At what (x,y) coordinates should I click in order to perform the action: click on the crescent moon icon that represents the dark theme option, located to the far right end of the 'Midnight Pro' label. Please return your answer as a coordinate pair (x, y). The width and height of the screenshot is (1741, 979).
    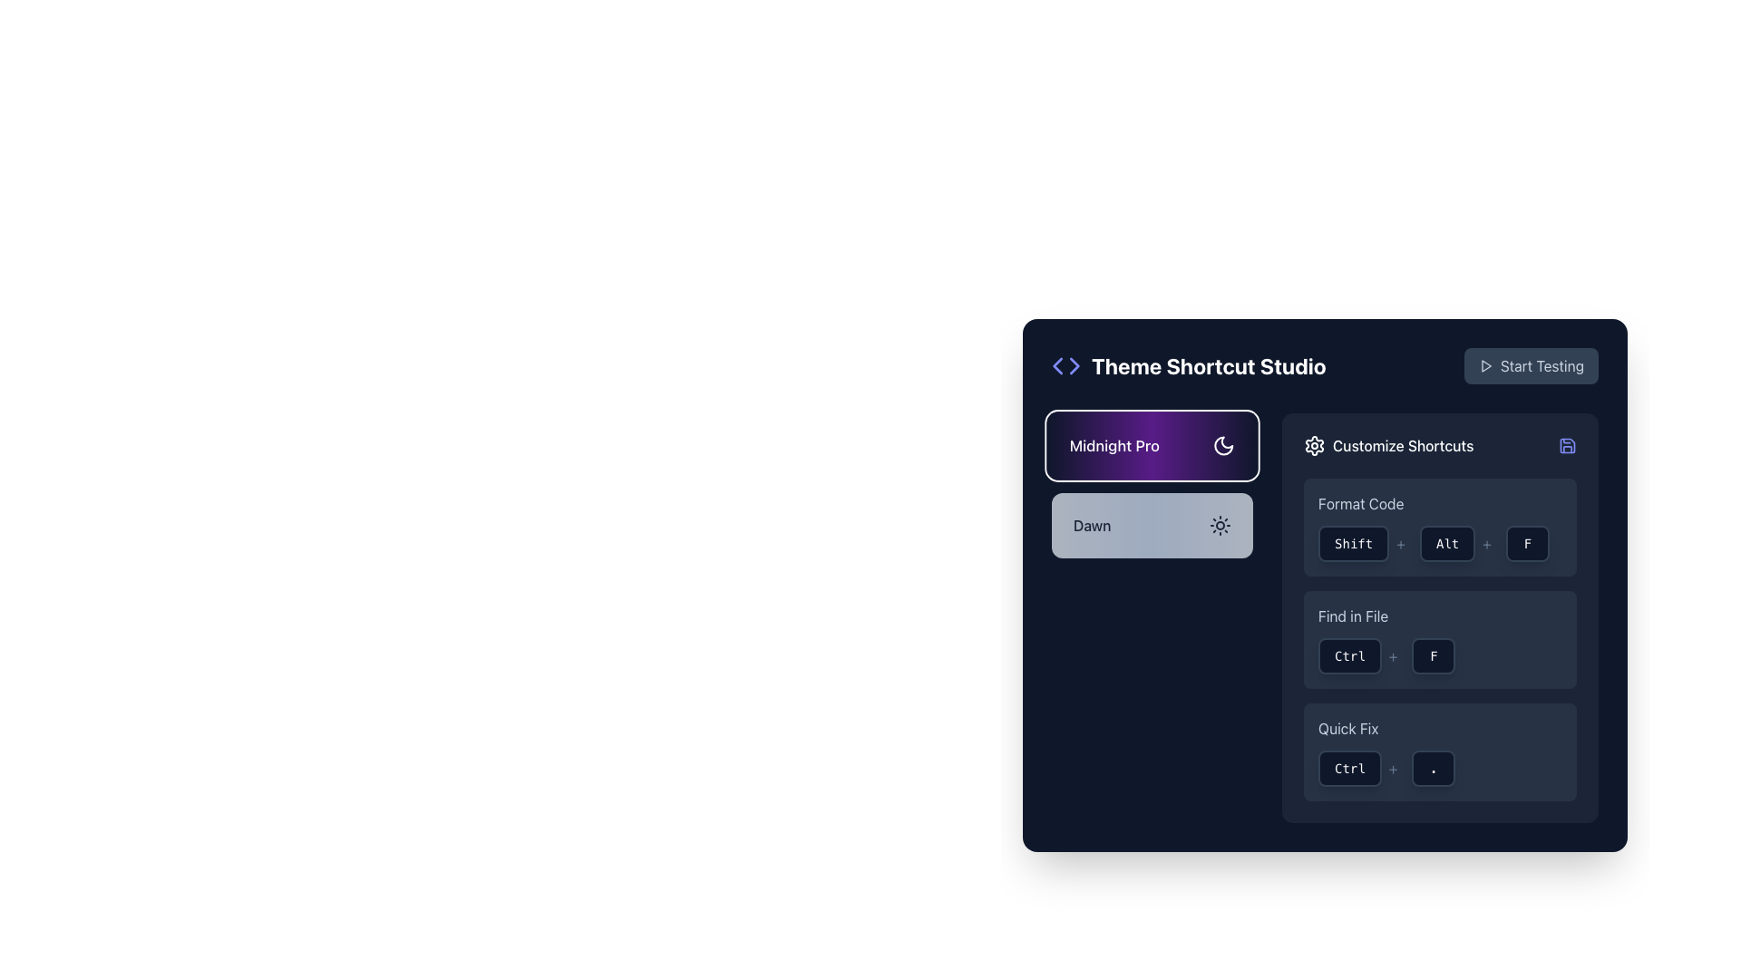
    Looking at the image, I should click on (1223, 446).